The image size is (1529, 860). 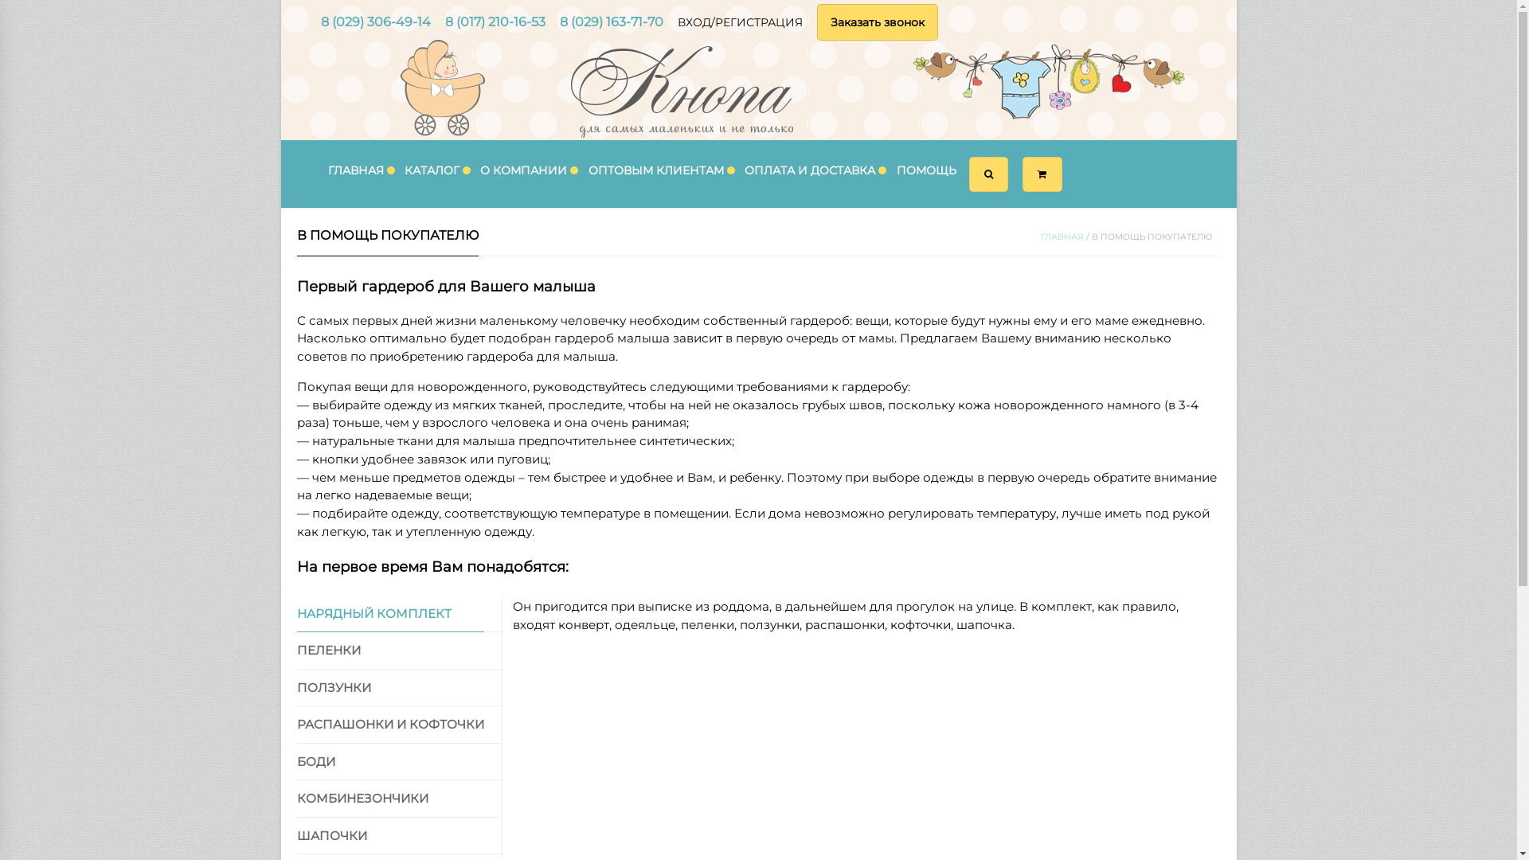 What do you see at coordinates (373, 21) in the screenshot?
I see `'8 (029) 306-49-14'` at bounding box center [373, 21].